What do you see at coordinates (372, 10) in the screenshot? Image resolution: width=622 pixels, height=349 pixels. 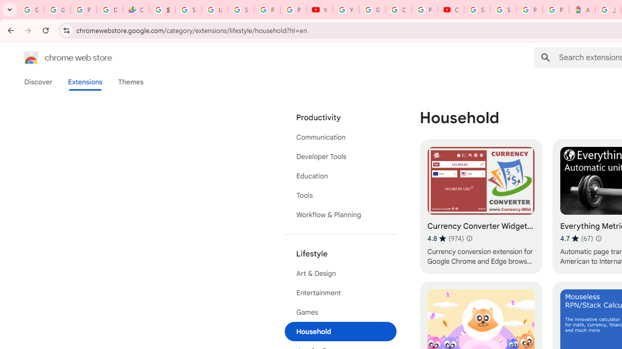 I see `'Google Account Help'` at bounding box center [372, 10].